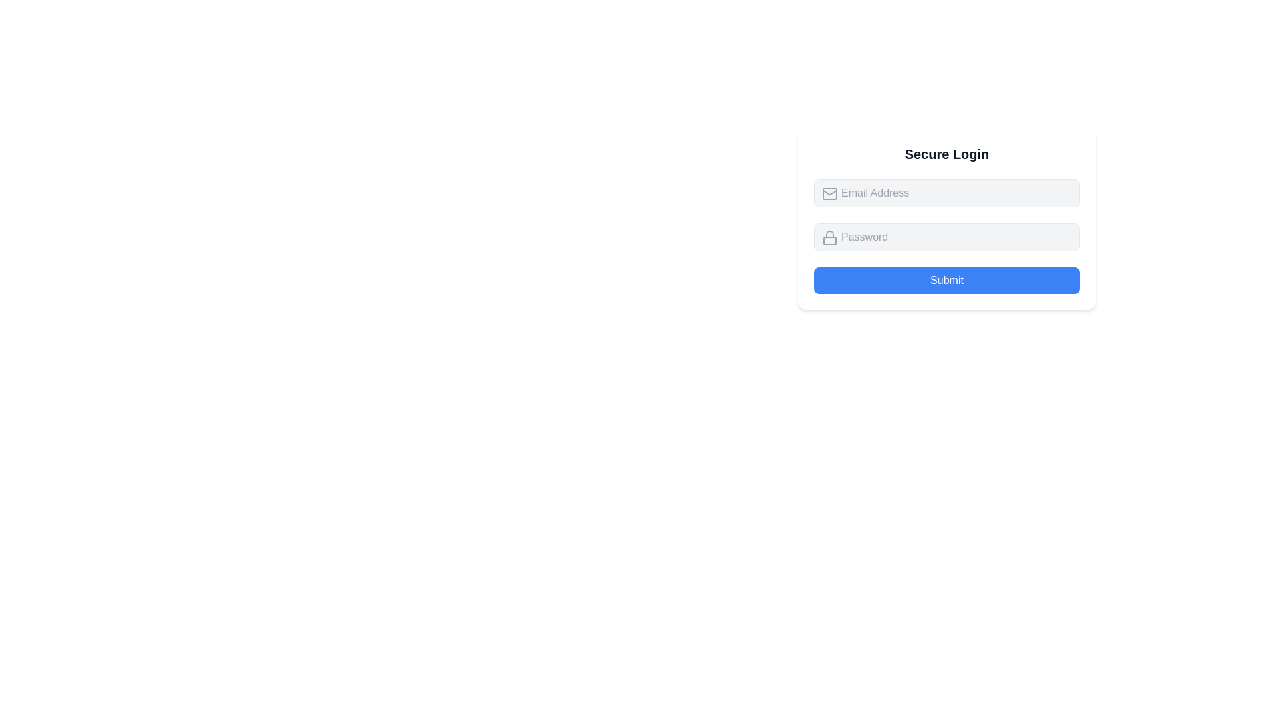 Image resolution: width=1276 pixels, height=718 pixels. What do you see at coordinates (829, 237) in the screenshot?
I see `the password icon located near the left margin of the input field labeled 'Password', which indicates that the field is for entering a password` at bounding box center [829, 237].